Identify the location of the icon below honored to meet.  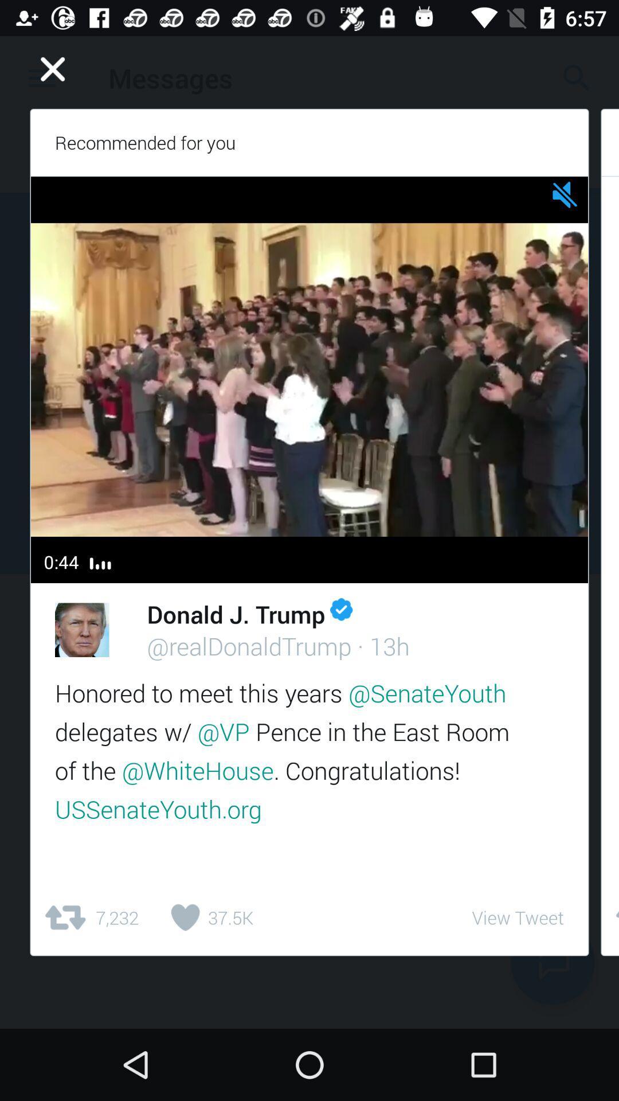
(208, 918).